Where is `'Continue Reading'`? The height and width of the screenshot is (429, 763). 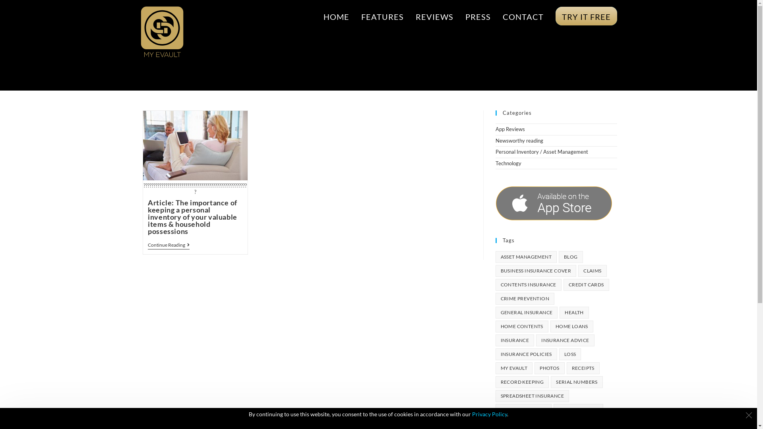
'Continue Reading' is located at coordinates (168, 245).